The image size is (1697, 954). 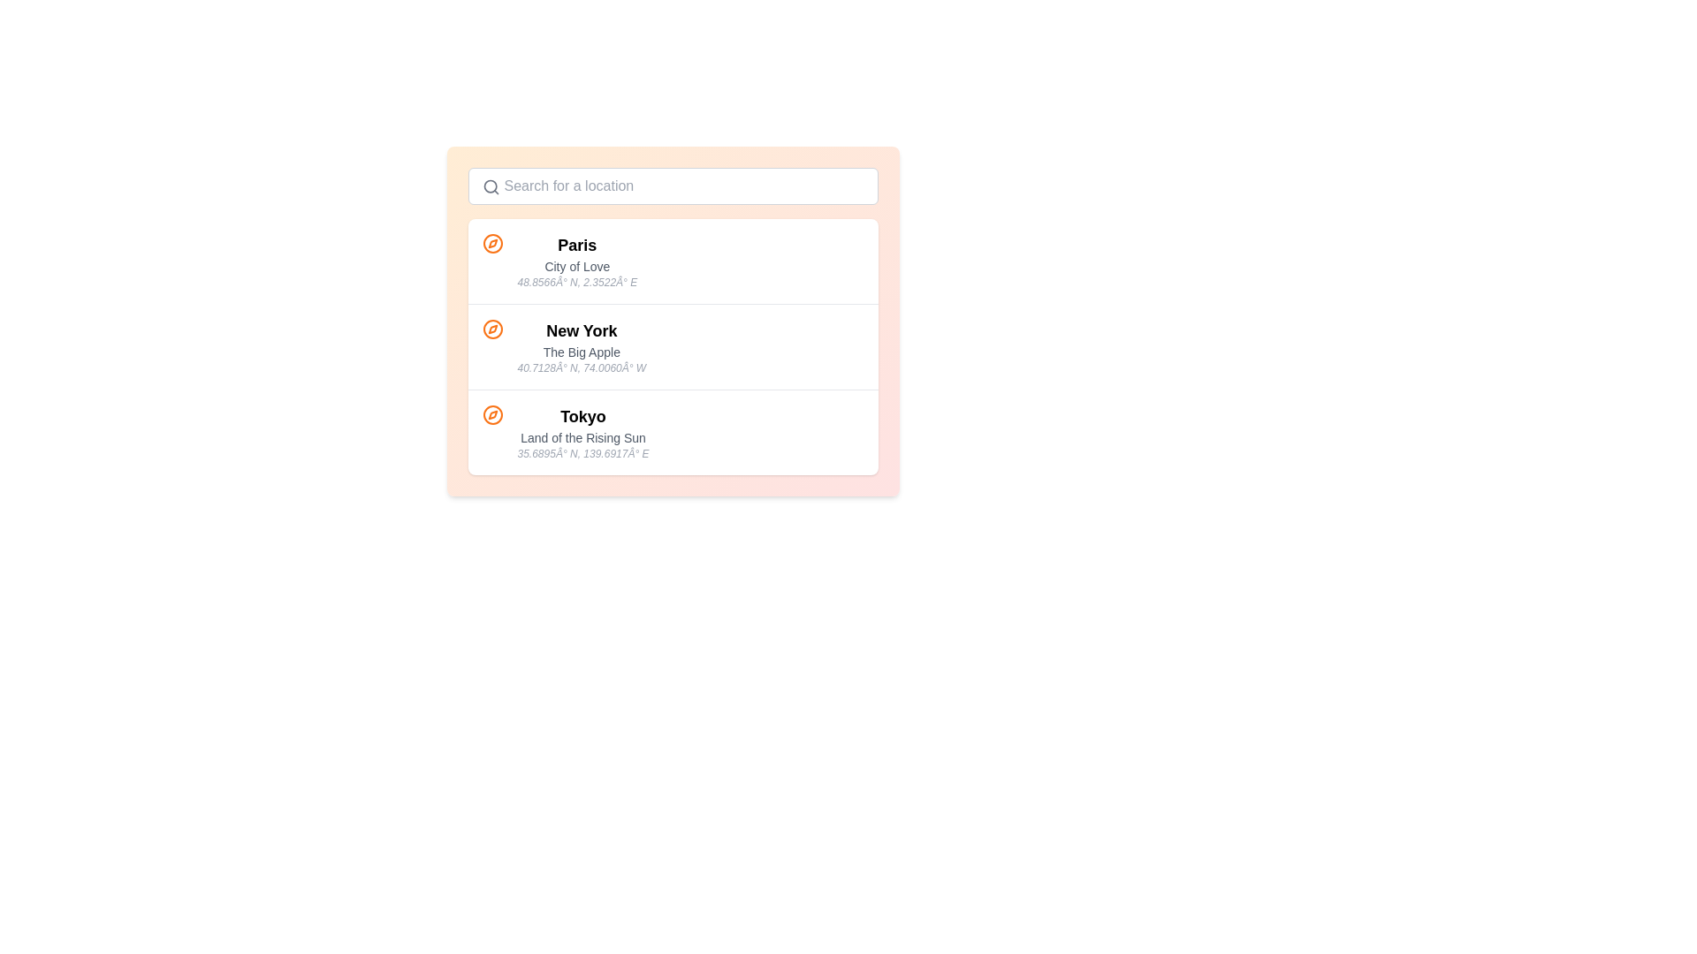 I want to click on the 'New York' list item, so click(x=672, y=346).